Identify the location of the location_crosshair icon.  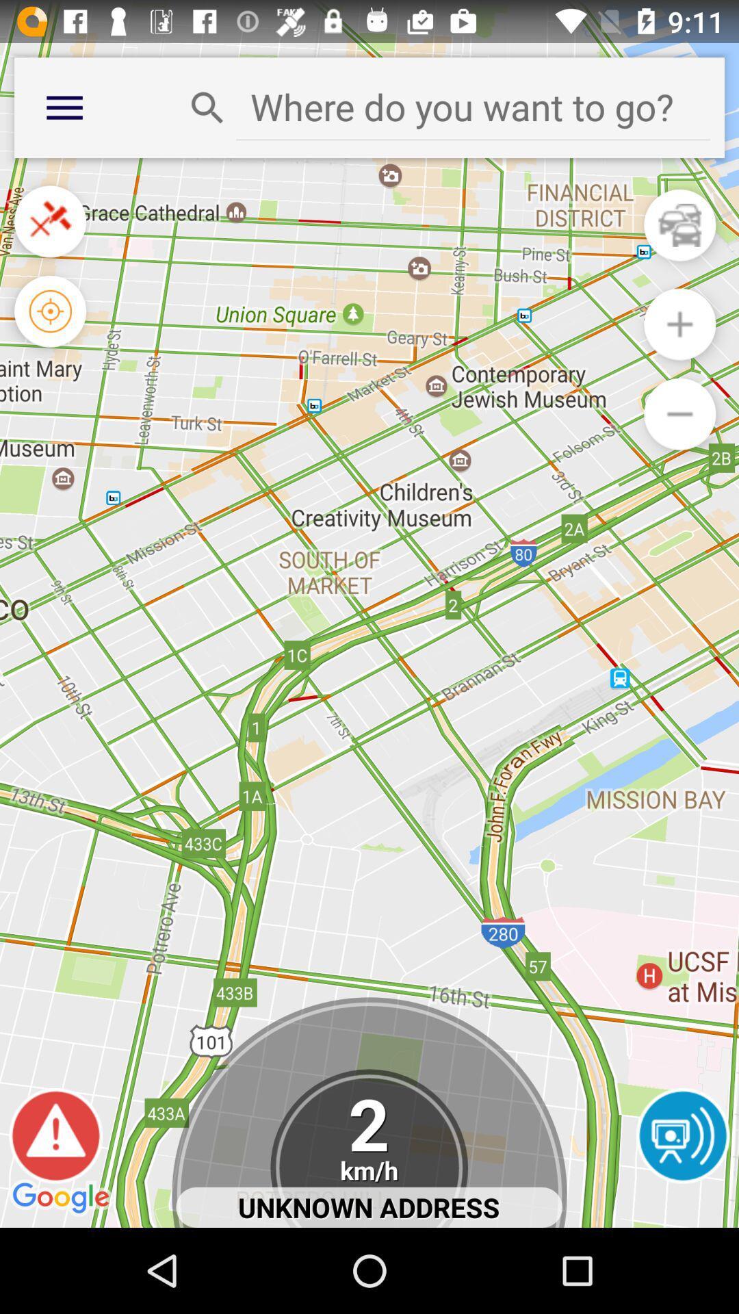
(49, 333).